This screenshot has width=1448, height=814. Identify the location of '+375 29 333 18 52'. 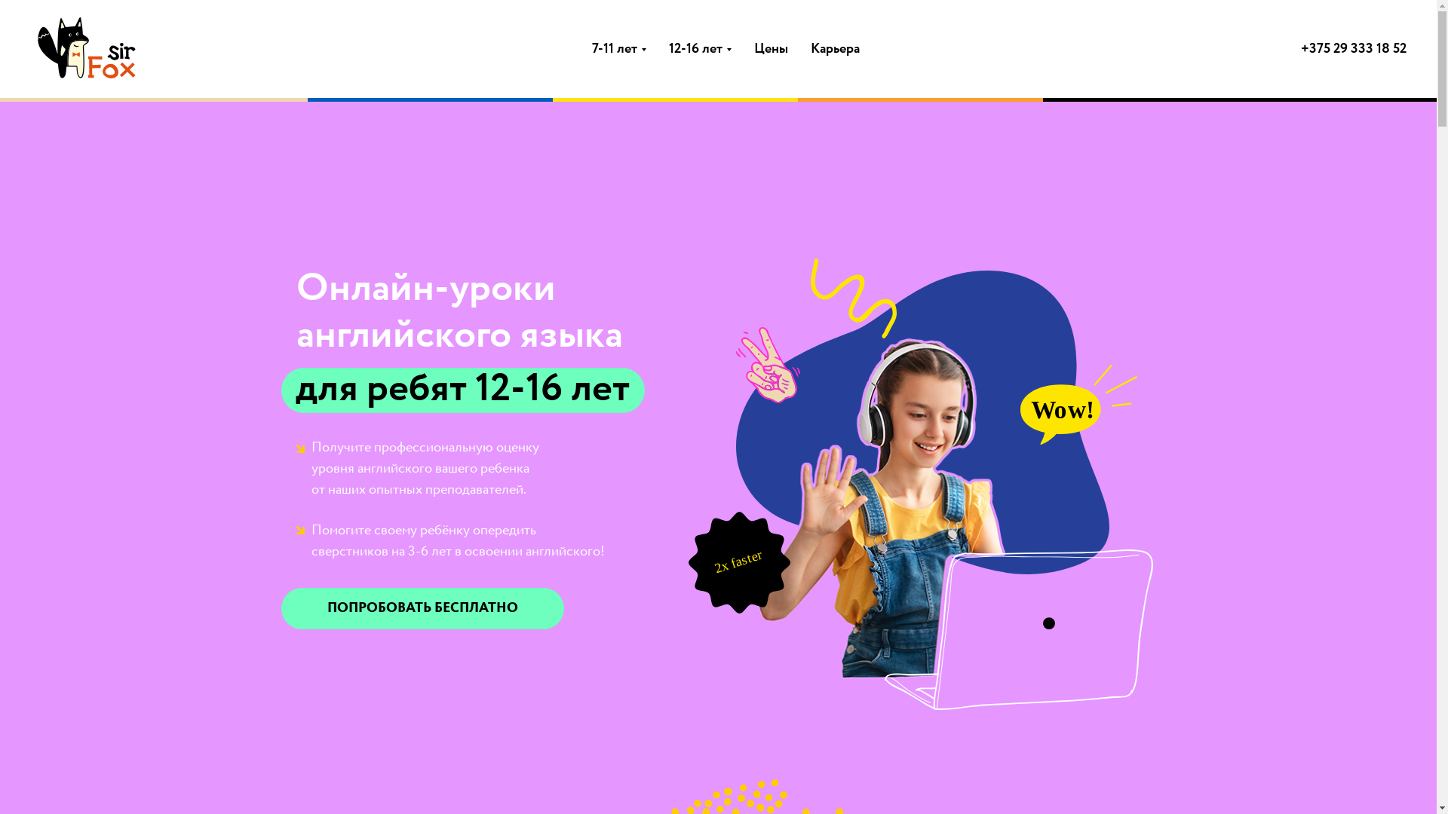
(1354, 48).